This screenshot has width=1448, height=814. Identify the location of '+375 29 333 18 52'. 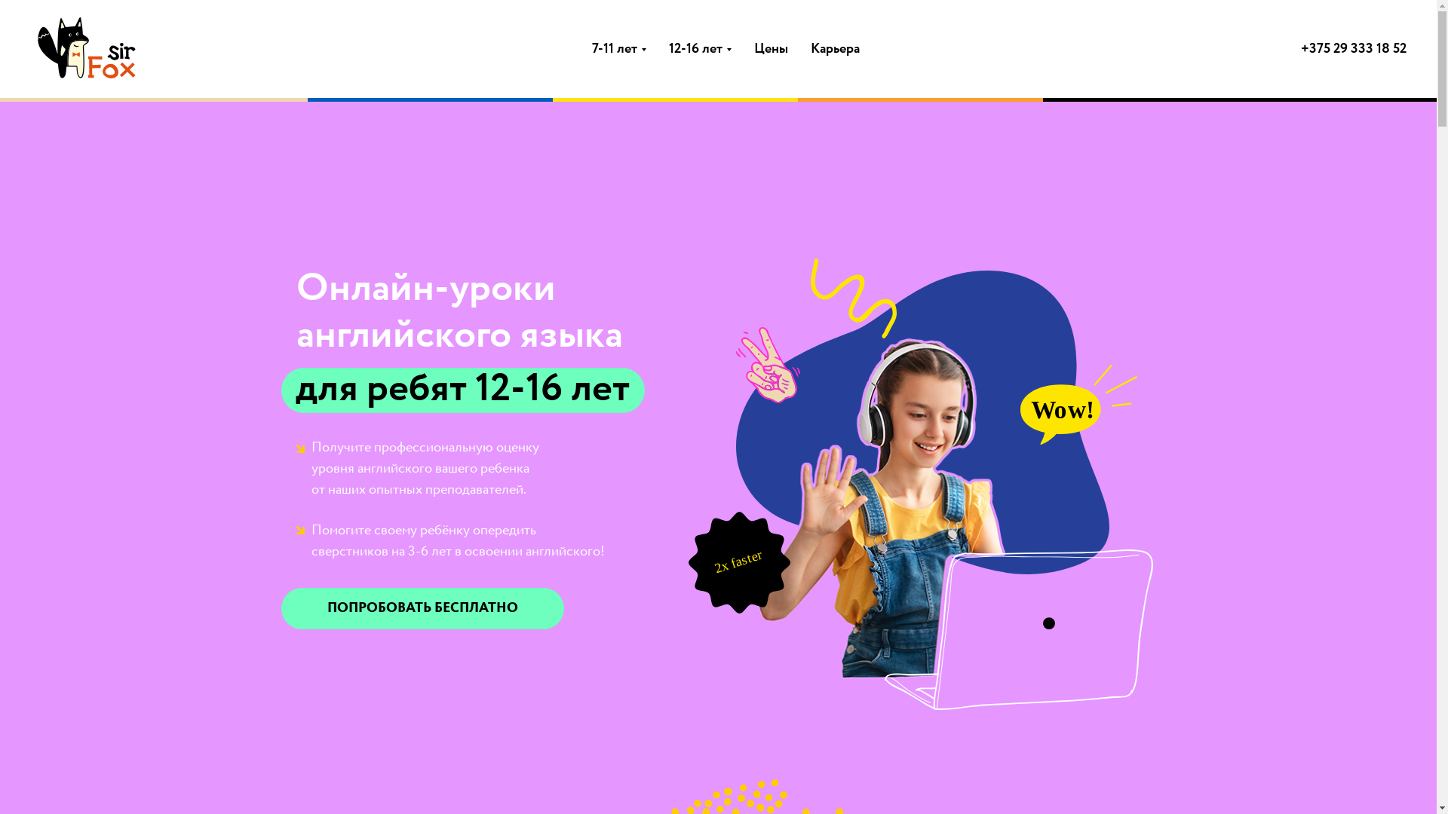
(1354, 48).